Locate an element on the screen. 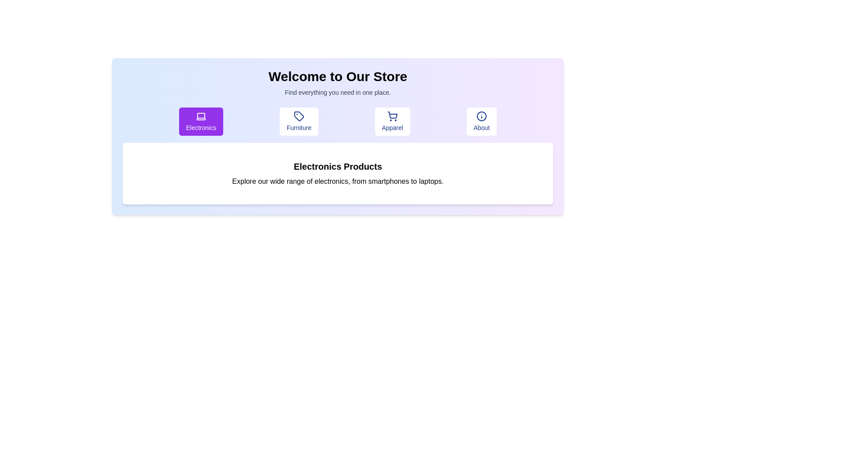 Image resolution: width=847 pixels, height=476 pixels. explanatory text label located centrally beneath the title 'Welcome to Our Store' and above the category buttons is located at coordinates (337, 92).